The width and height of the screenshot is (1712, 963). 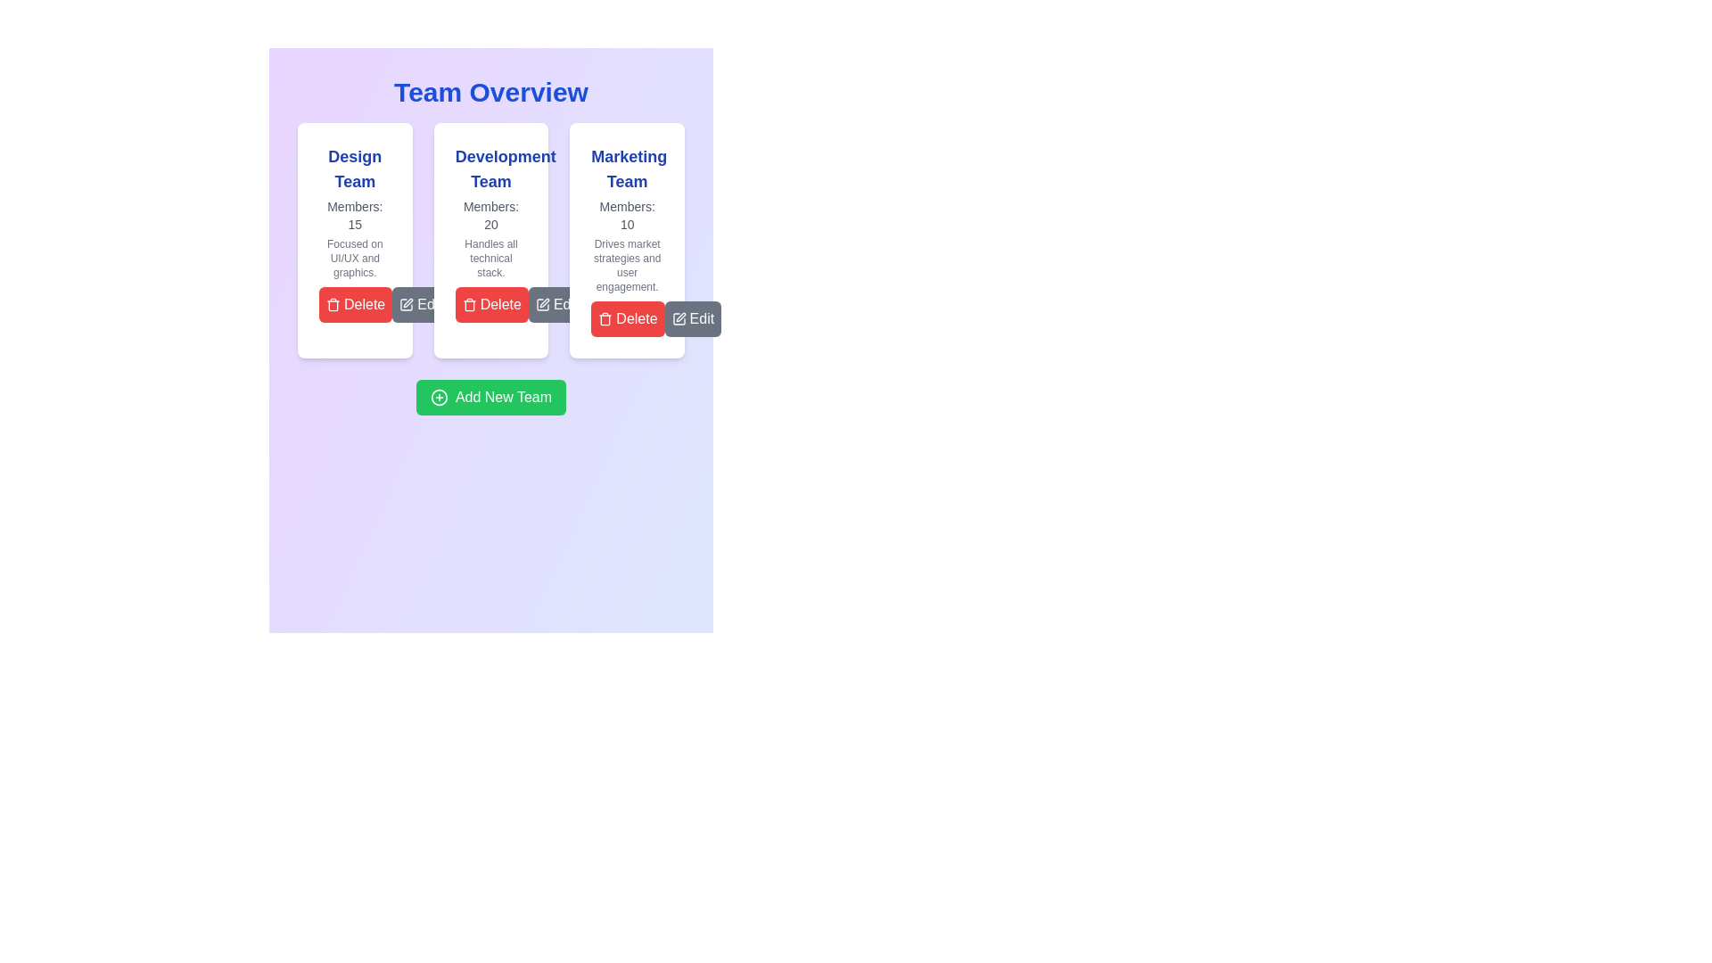 What do you see at coordinates (491, 93) in the screenshot?
I see `the static text header labeled 'Team Overview', which is prominently styled with large, bold, blue text centered at the top of the interface` at bounding box center [491, 93].